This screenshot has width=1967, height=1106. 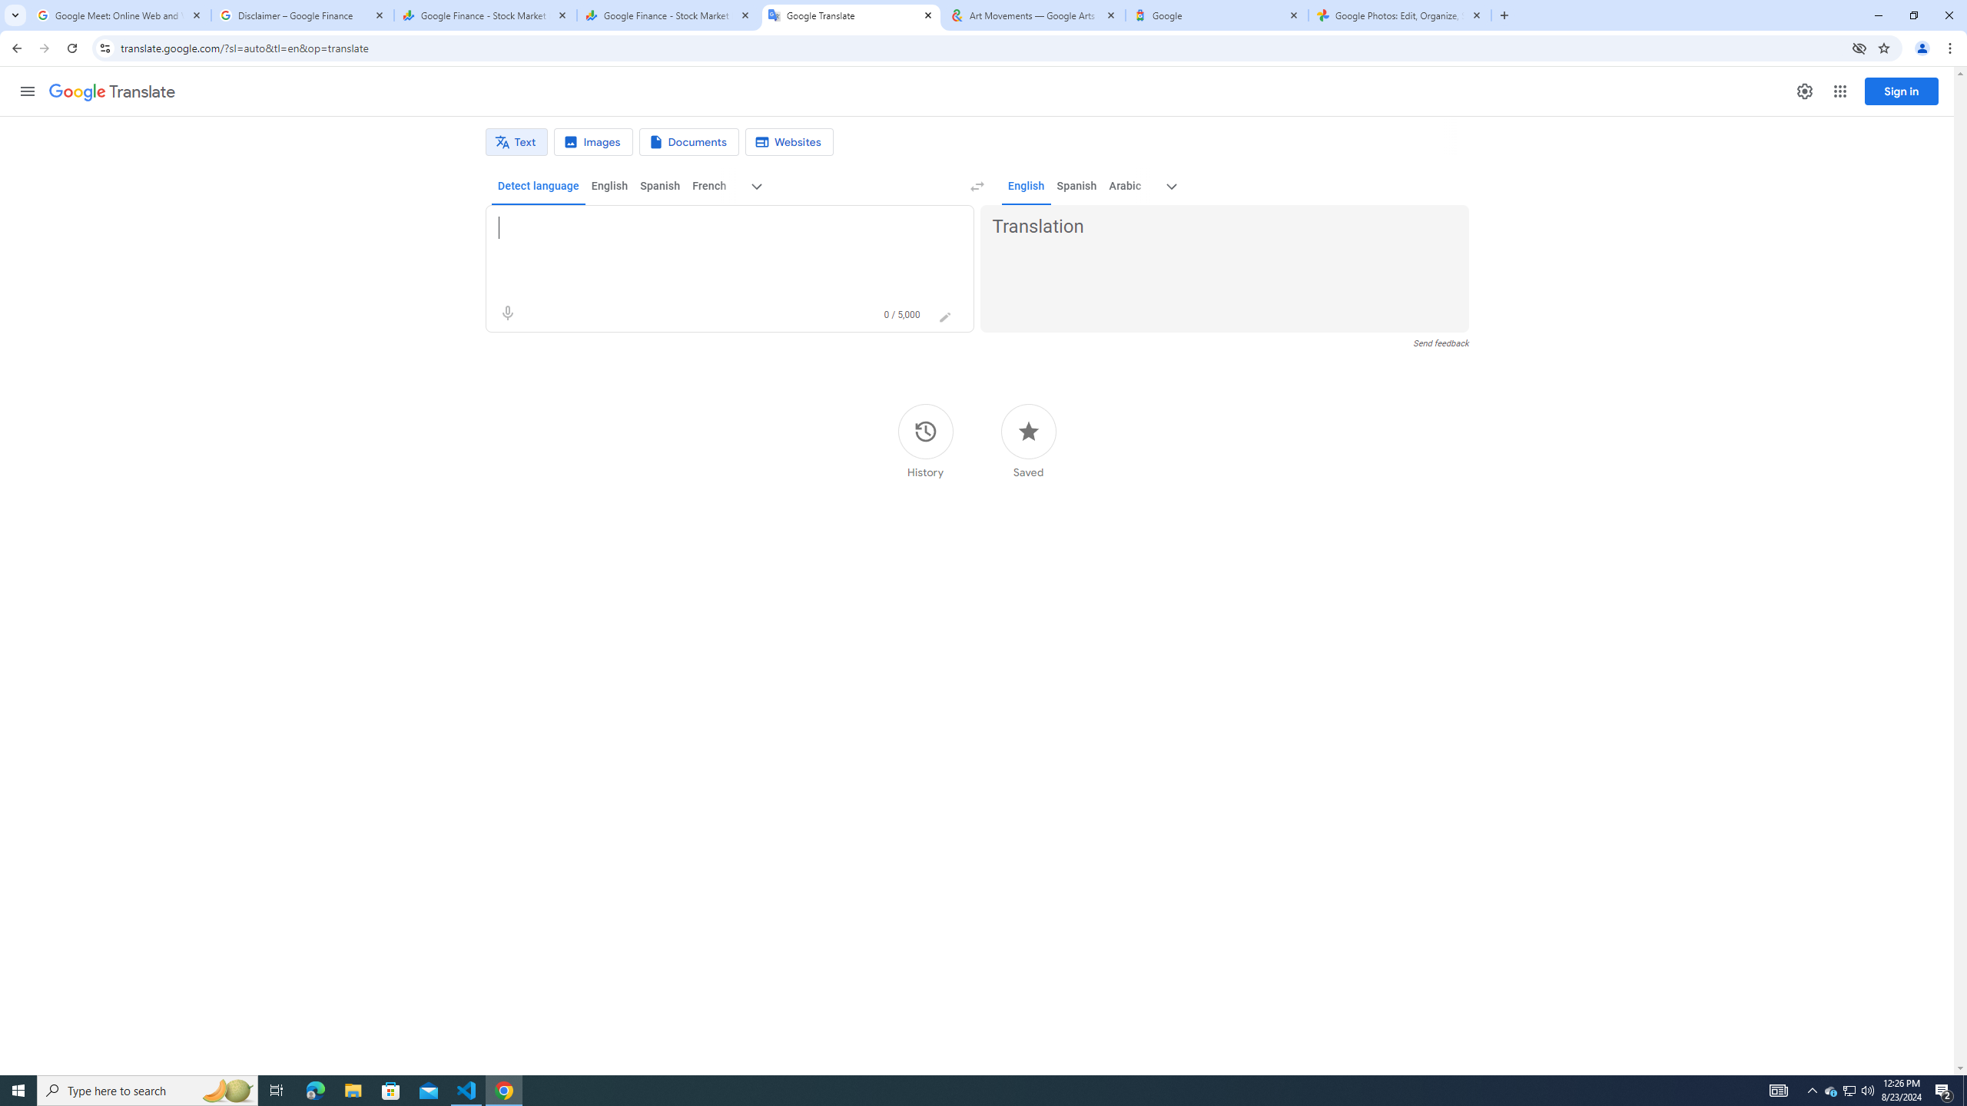 I want to click on 'Text translation', so click(x=516, y=141).